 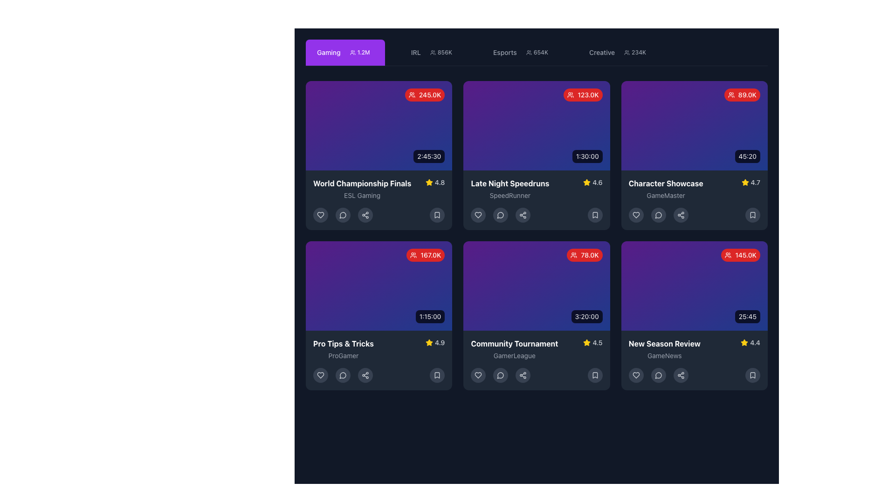 What do you see at coordinates (570, 95) in the screenshot?
I see `the SVG Icon indicating user count next to the '123.0K' label in the second grid card titled 'Late Night Speedruns'` at bounding box center [570, 95].